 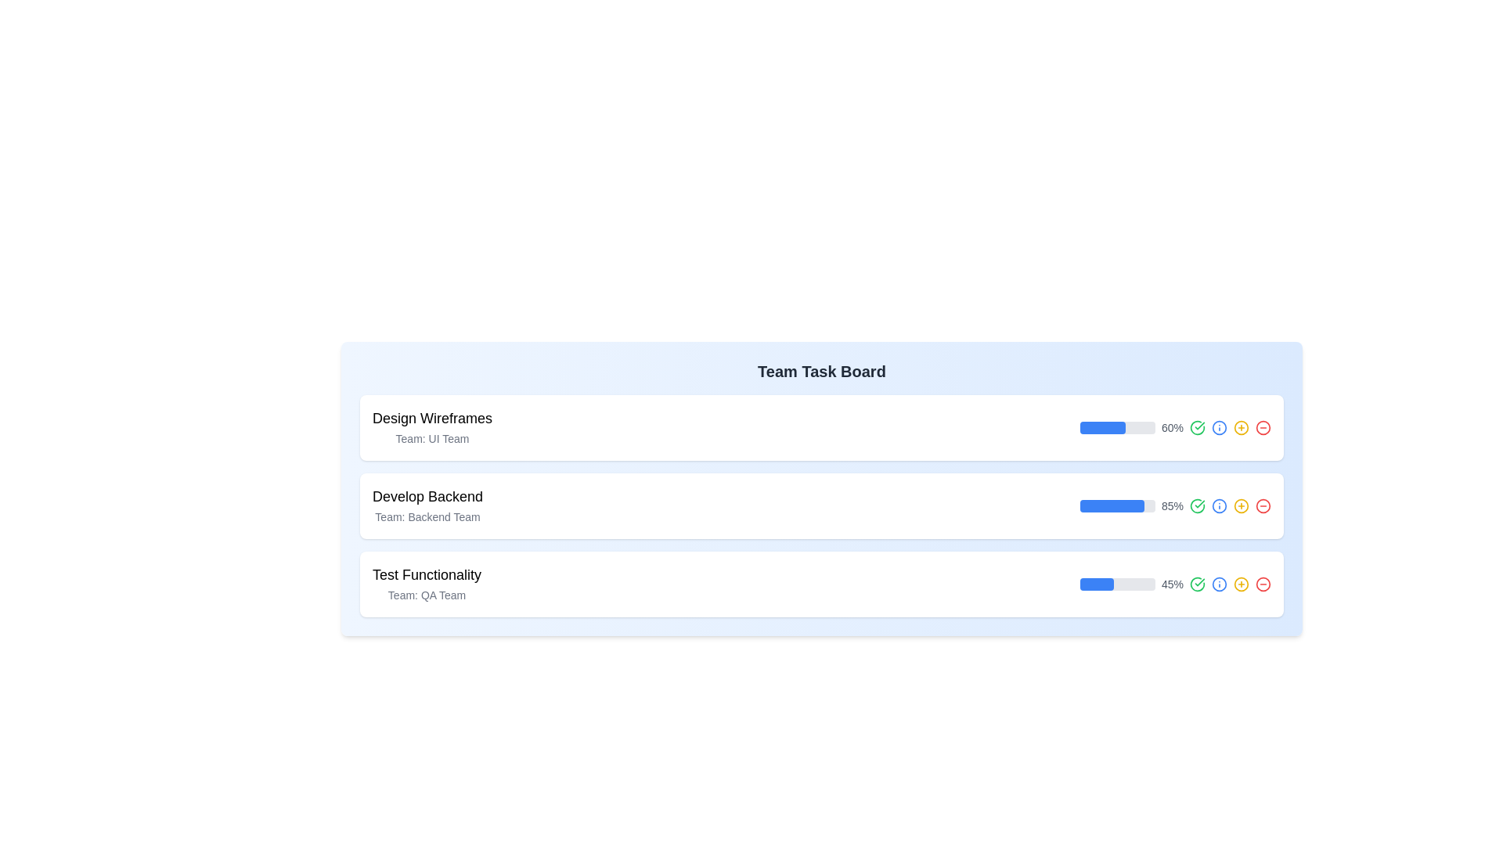 I want to click on the Icon Button, which serves as a confirmation indicator located to the right of the '85%' summary percentage in the middle row of the task board, so click(x=1197, y=506).